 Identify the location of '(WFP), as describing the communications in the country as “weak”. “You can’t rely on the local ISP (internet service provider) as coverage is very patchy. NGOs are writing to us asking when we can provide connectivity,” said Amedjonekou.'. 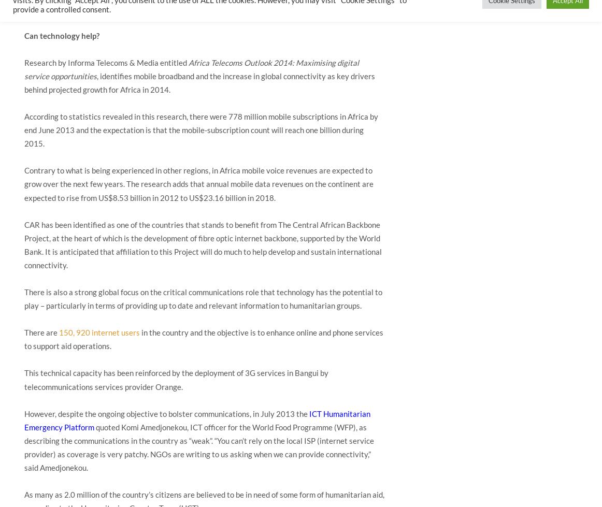
(198, 446).